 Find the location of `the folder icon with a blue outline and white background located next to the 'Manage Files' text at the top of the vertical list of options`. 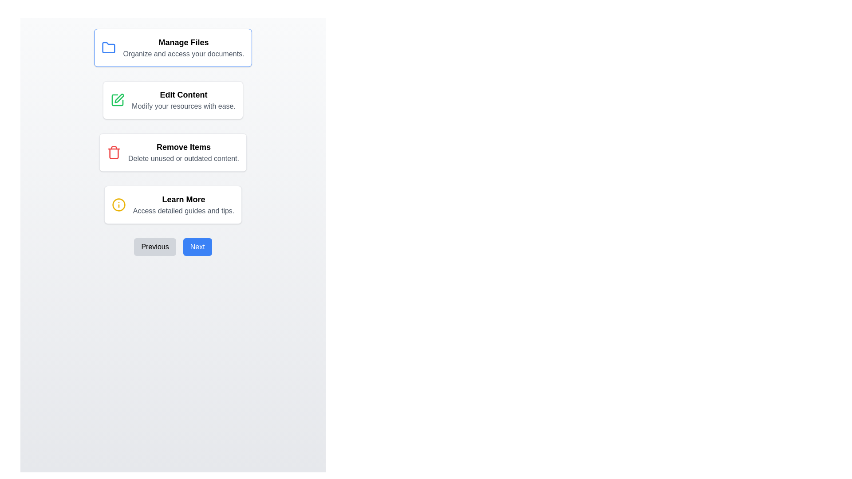

the folder icon with a blue outline and white background located next to the 'Manage Files' text at the top of the vertical list of options is located at coordinates (108, 47).